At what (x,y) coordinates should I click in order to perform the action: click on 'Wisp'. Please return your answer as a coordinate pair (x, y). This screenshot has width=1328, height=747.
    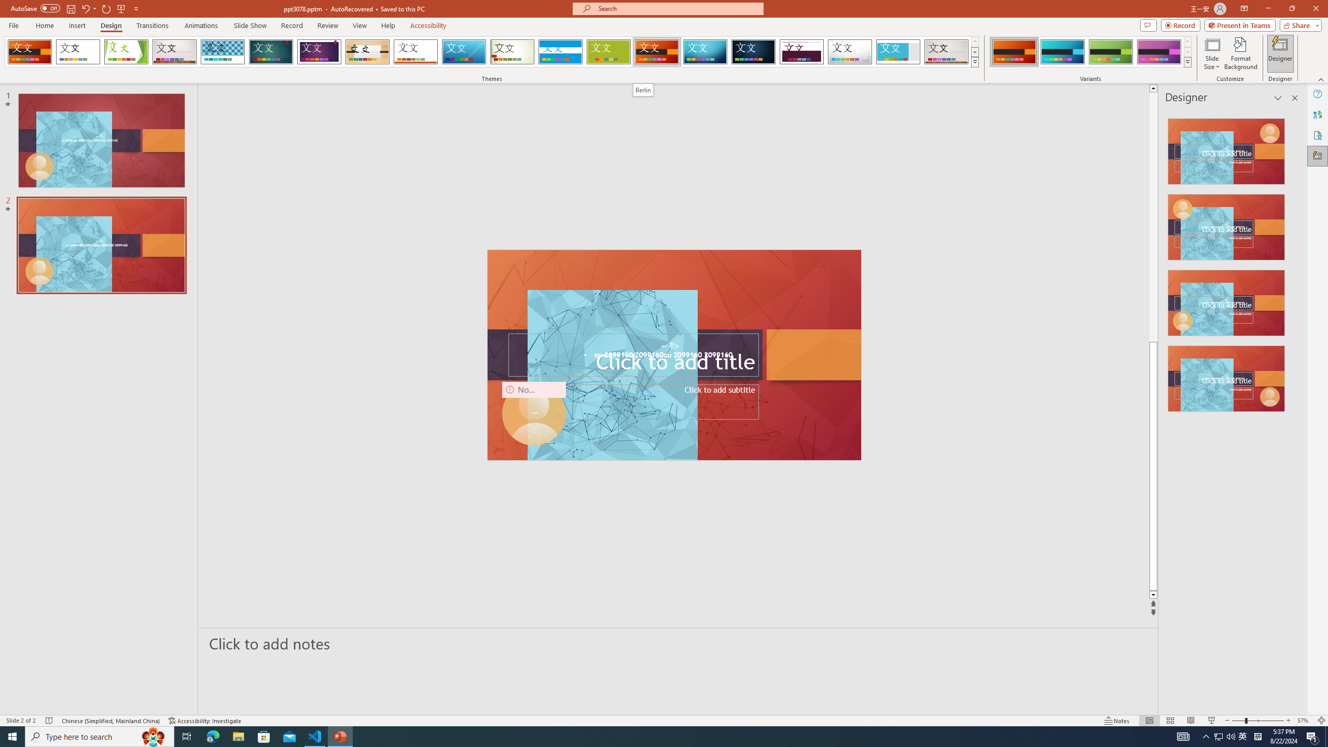
    Looking at the image, I should click on (512, 51).